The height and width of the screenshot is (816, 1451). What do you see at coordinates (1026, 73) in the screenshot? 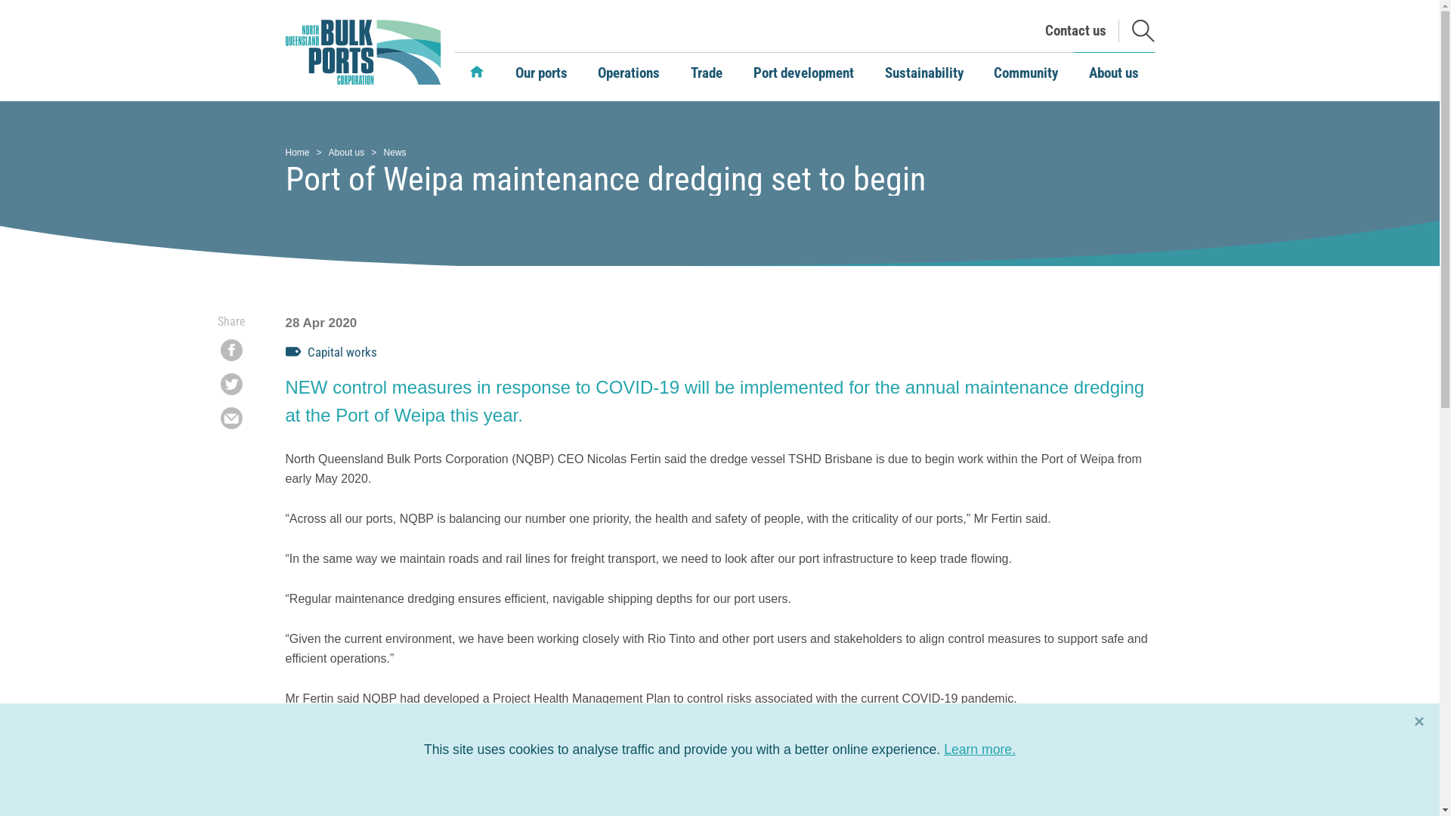
I see `'Community'` at bounding box center [1026, 73].